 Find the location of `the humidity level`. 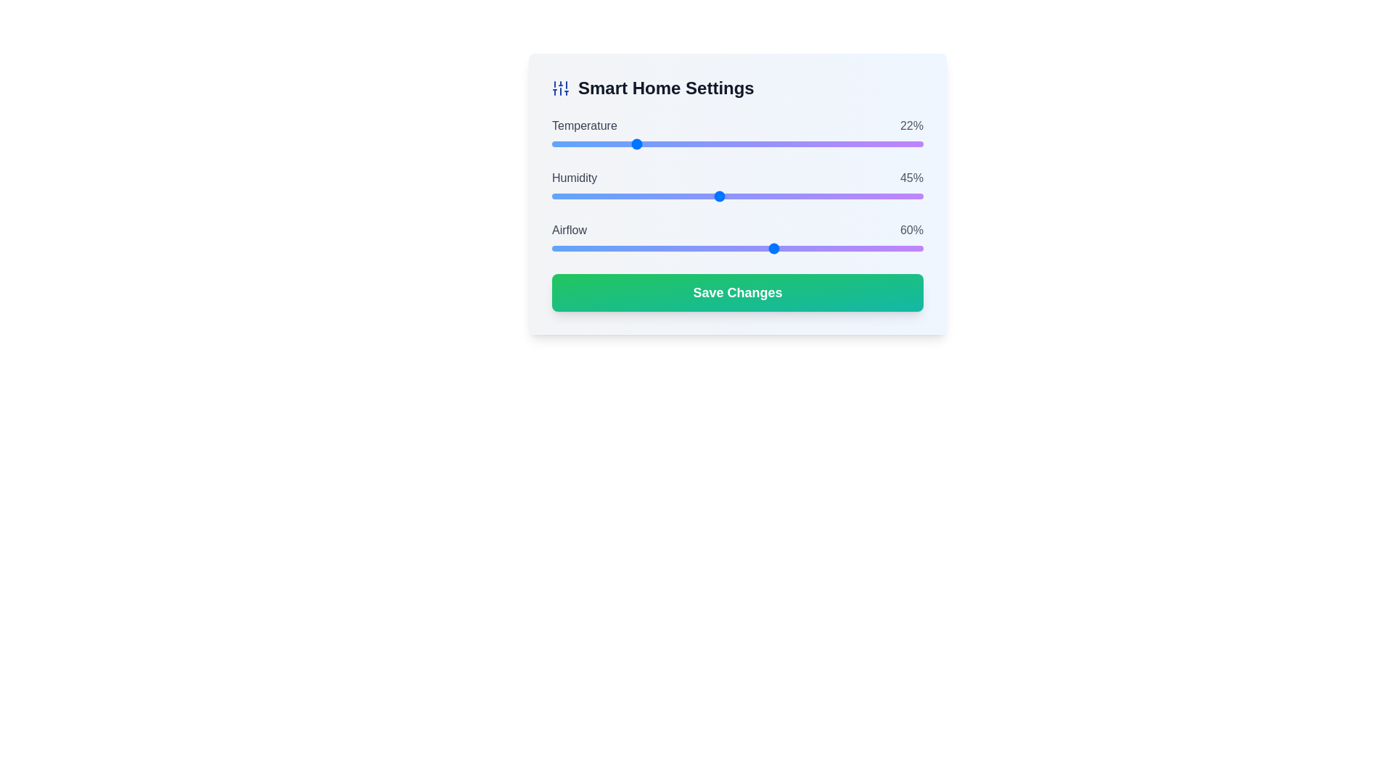

the humidity level is located at coordinates (696, 192).